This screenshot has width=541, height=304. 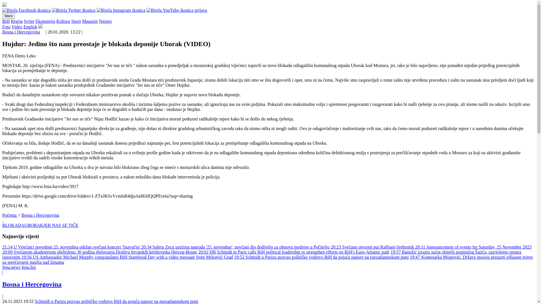 I want to click on '20:11 Announcement of events for Saturday, 25 November 2023', so click(x=473, y=247).